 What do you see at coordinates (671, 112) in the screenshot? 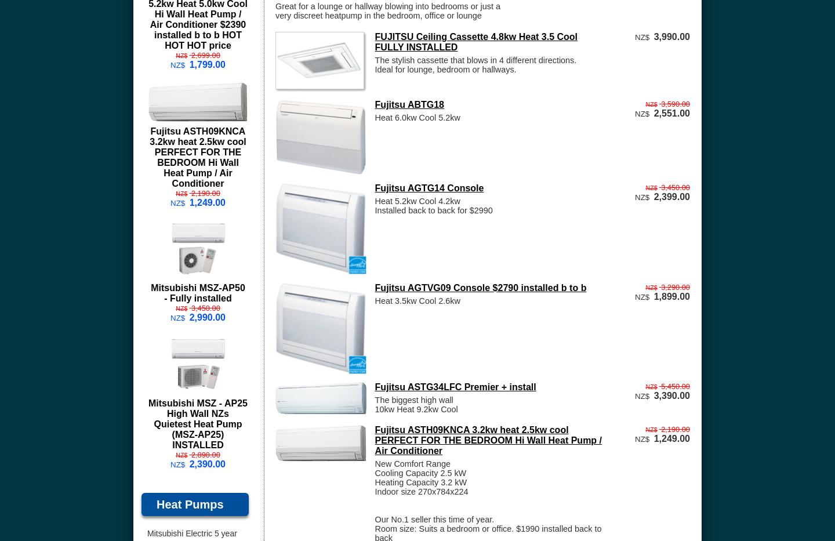
I see `'2,551.00'` at bounding box center [671, 112].